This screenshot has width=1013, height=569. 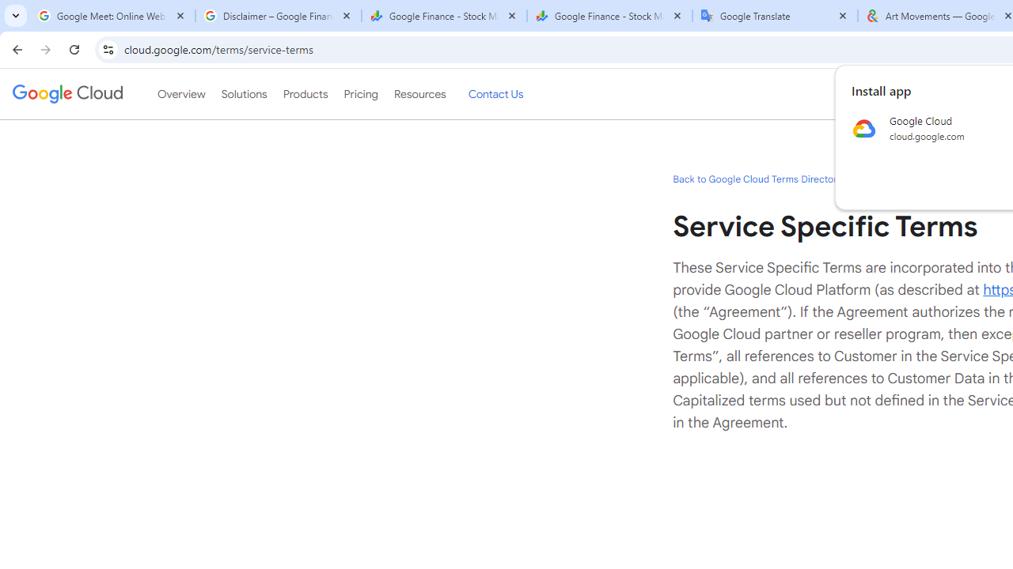 What do you see at coordinates (66, 94) in the screenshot?
I see `'Google Cloud'` at bounding box center [66, 94].